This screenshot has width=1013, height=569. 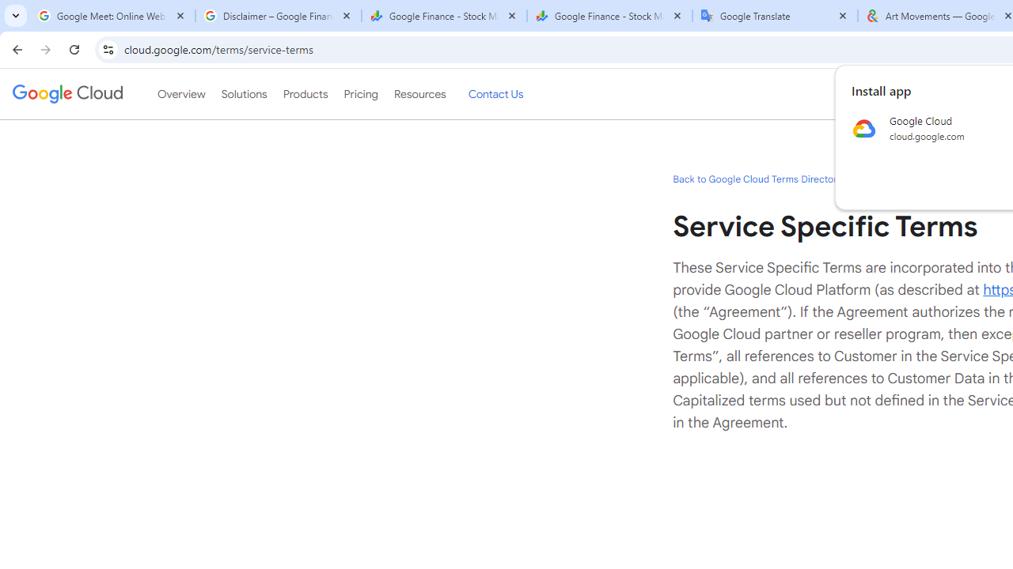 What do you see at coordinates (66, 94) in the screenshot?
I see `'Google Cloud'` at bounding box center [66, 94].